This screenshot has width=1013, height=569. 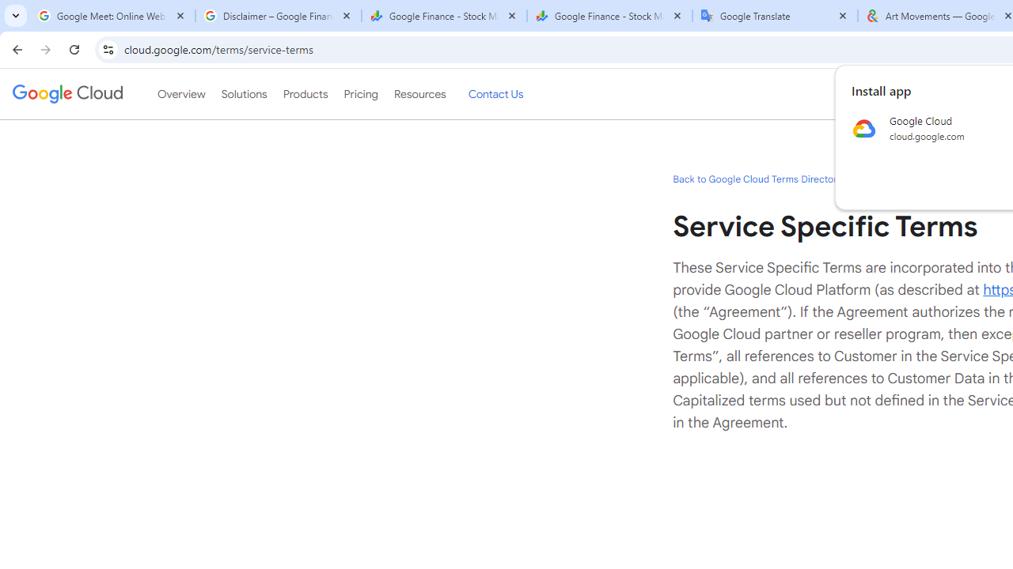 What do you see at coordinates (66, 94) in the screenshot?
I see `'Google Cloud'` at bounding box center [66, 94].